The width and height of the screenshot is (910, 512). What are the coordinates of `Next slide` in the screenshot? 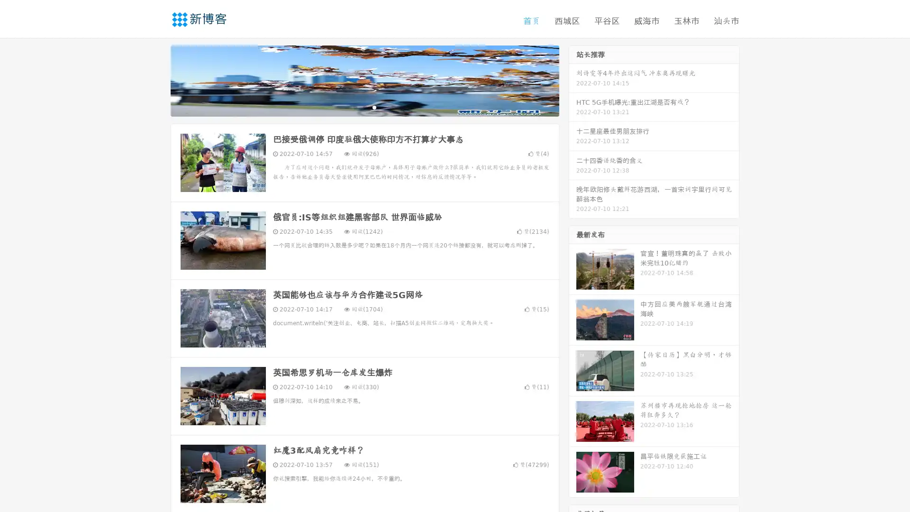 It's located at (573, 80).